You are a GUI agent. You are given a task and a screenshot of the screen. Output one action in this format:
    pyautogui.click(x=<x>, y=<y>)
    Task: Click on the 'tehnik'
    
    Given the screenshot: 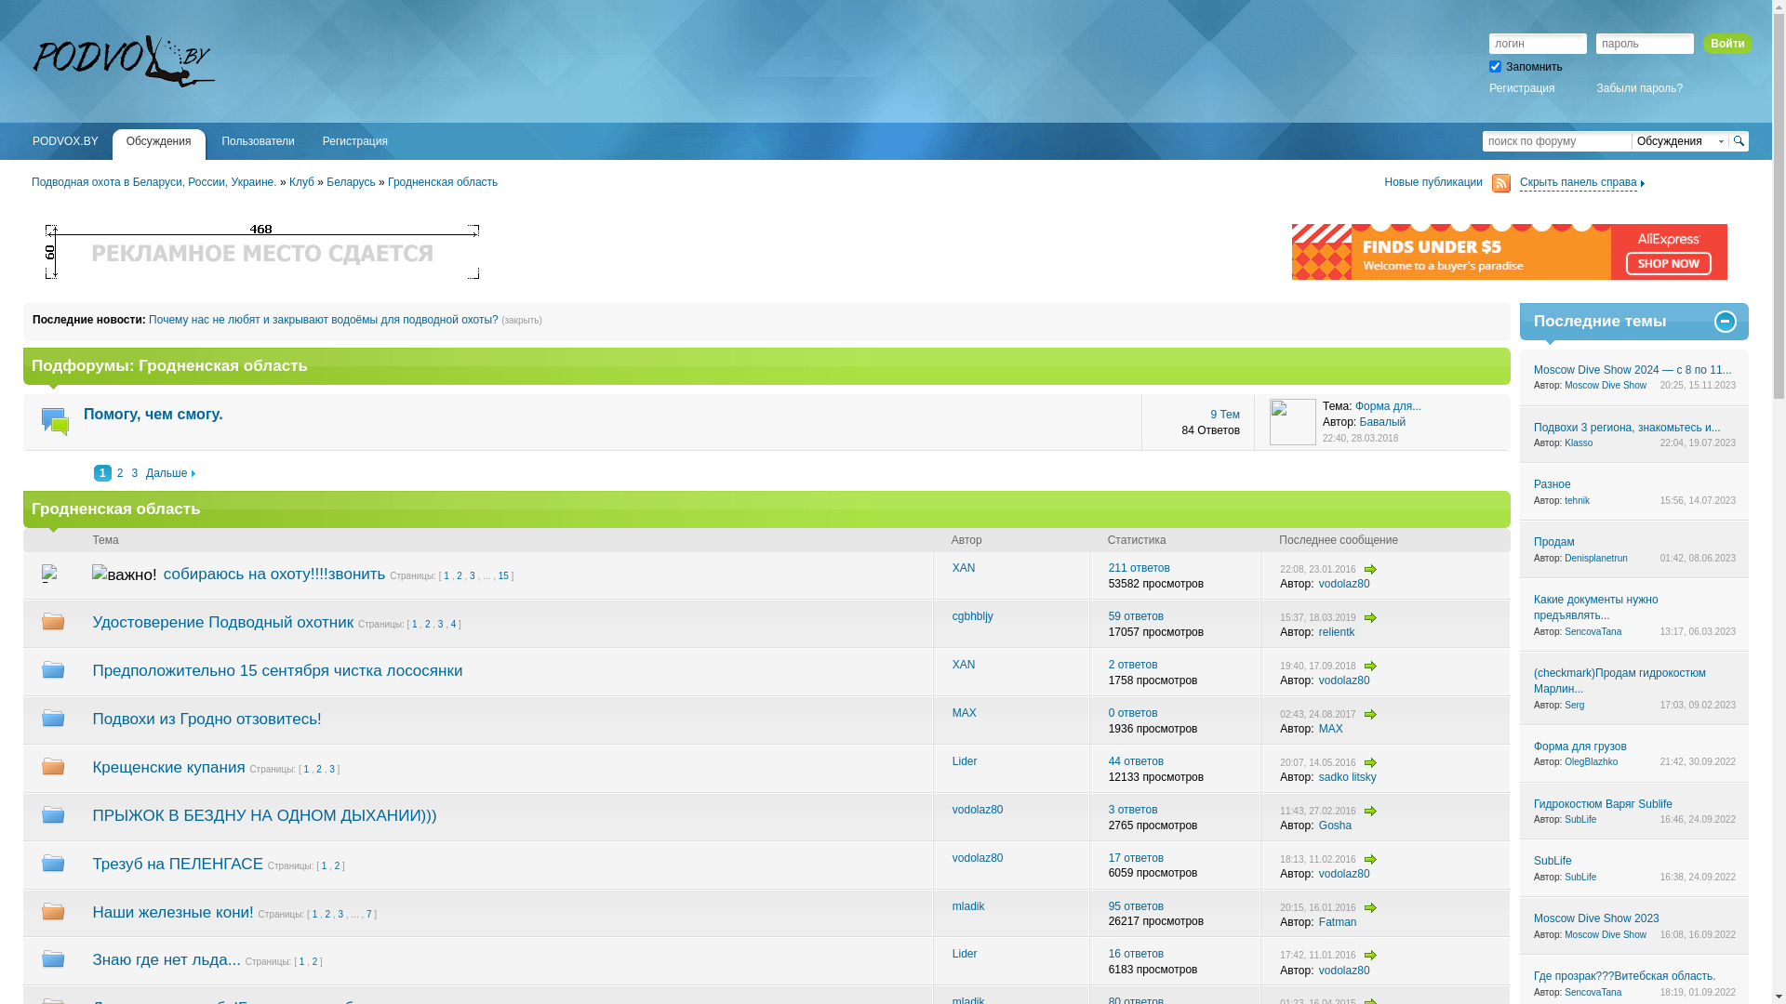 What is the action you would take?
    pyautogui.click(x=1563, y=499)
    